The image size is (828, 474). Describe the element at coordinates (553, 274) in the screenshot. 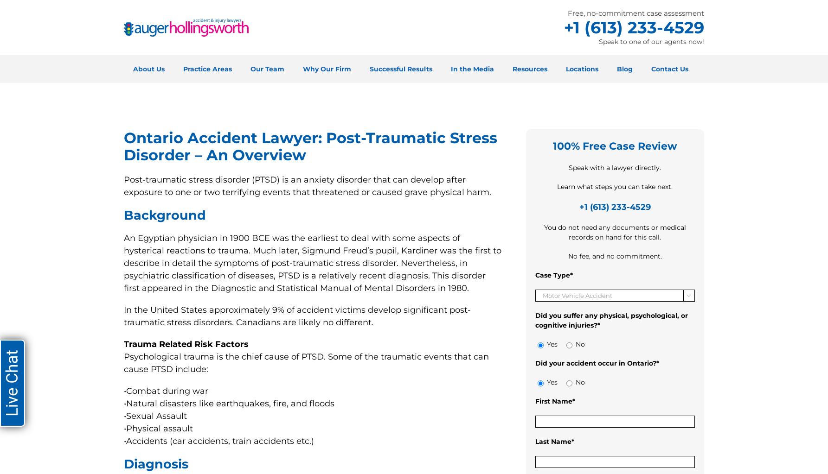

I see `'Case Type*'` at that location.